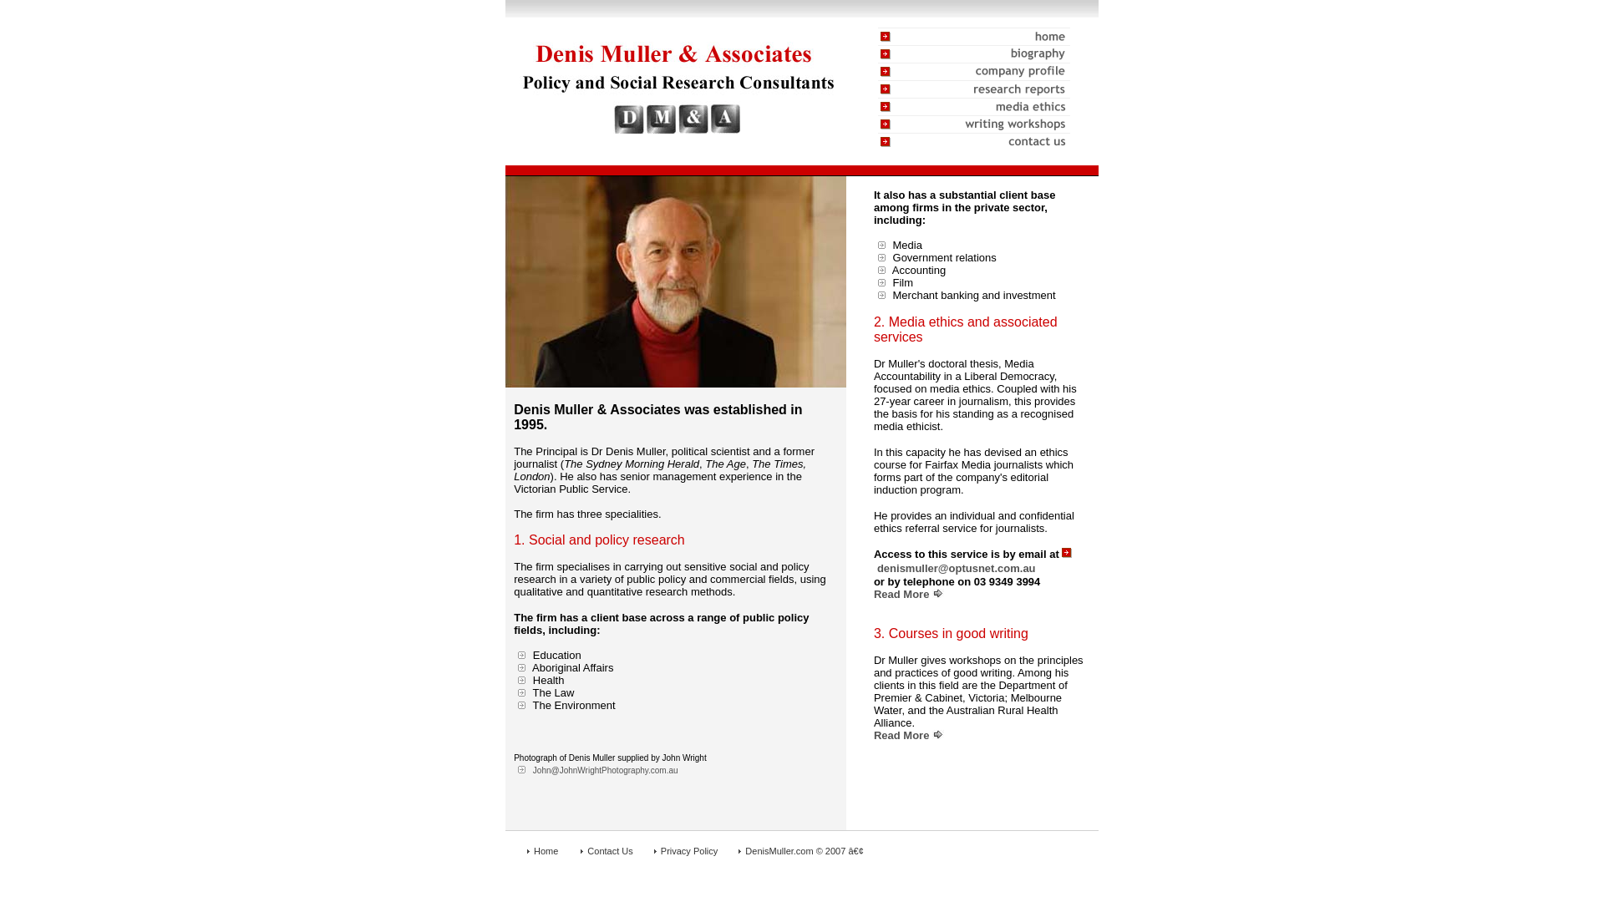  Describe the element at coordinates (610, 850) in the screenshot. I see `'Contact Us'` at that location.